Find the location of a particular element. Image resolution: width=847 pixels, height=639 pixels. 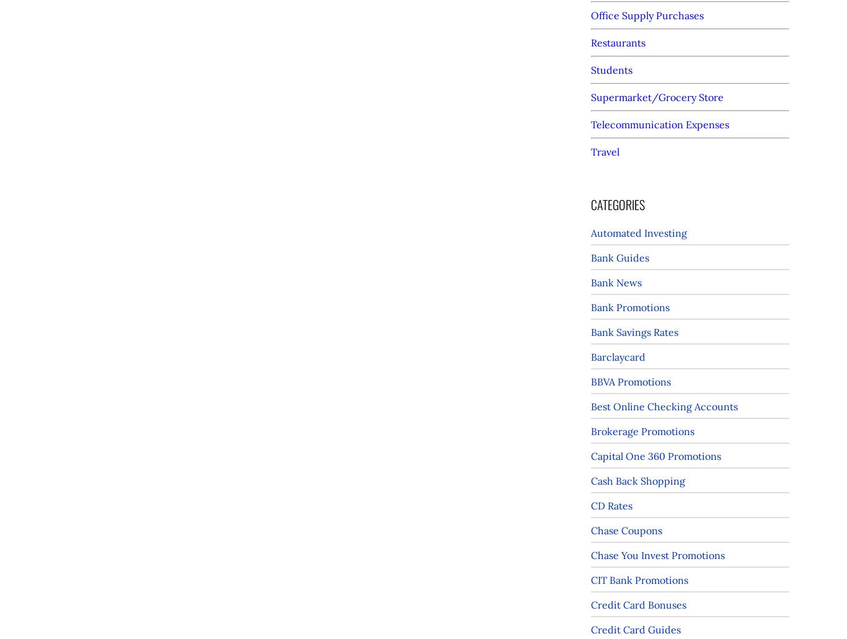

'Bank Guides' is located at coordinates (591, 258).